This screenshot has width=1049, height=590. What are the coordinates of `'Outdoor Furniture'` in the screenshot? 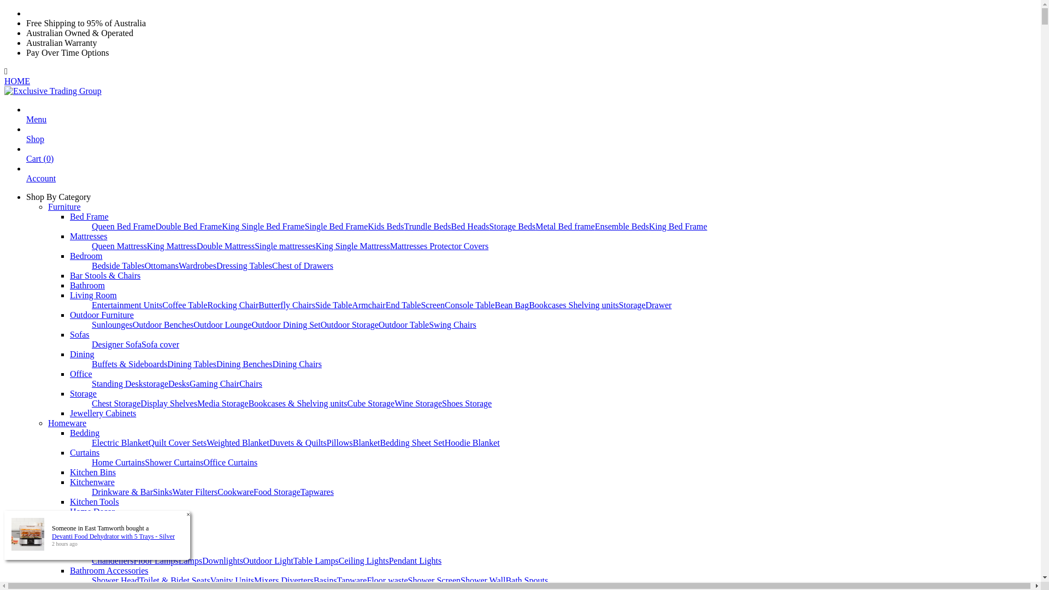 It's located at (102, 315).